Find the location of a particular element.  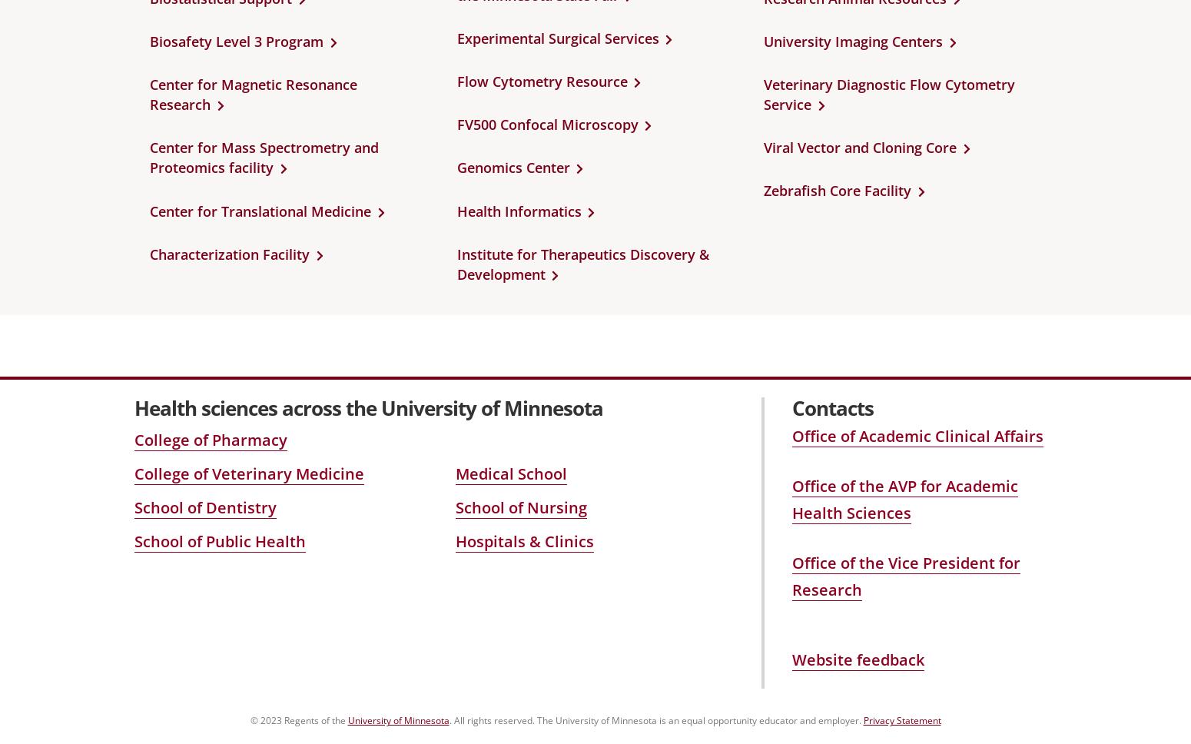

'FV500 Confocal Microscopy' is located at coordinates (456, 125).